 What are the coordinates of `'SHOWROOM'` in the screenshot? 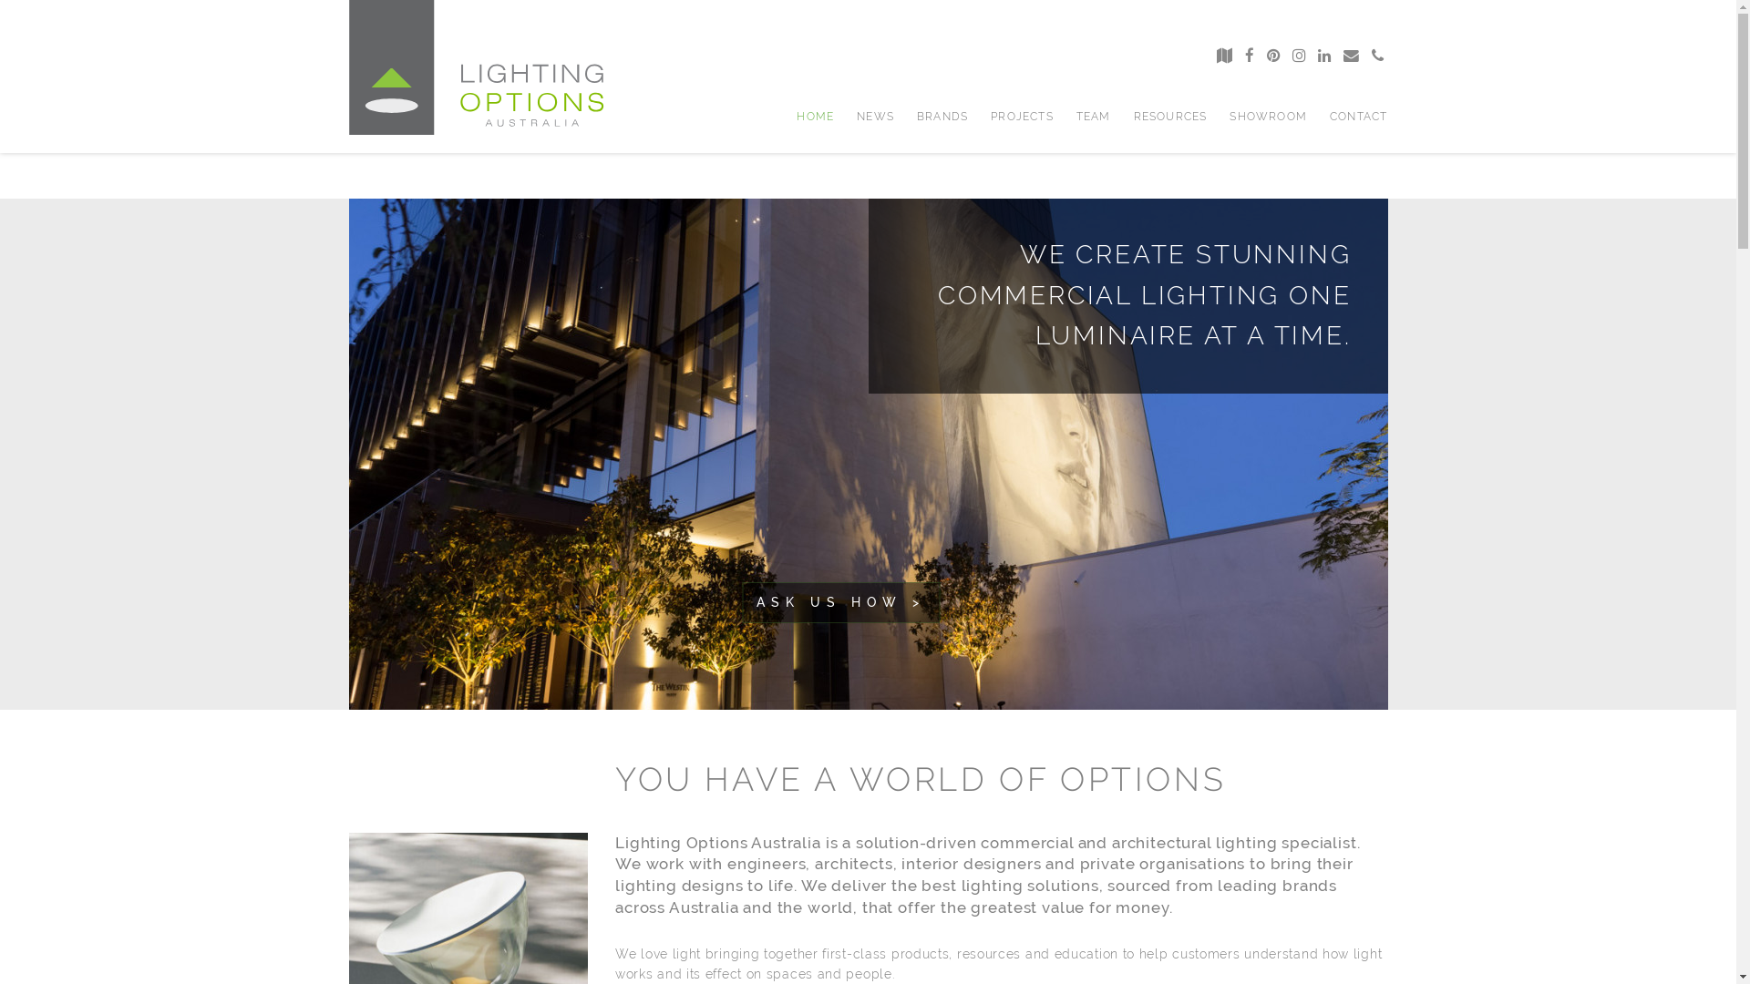 It's located at (1267, 116).